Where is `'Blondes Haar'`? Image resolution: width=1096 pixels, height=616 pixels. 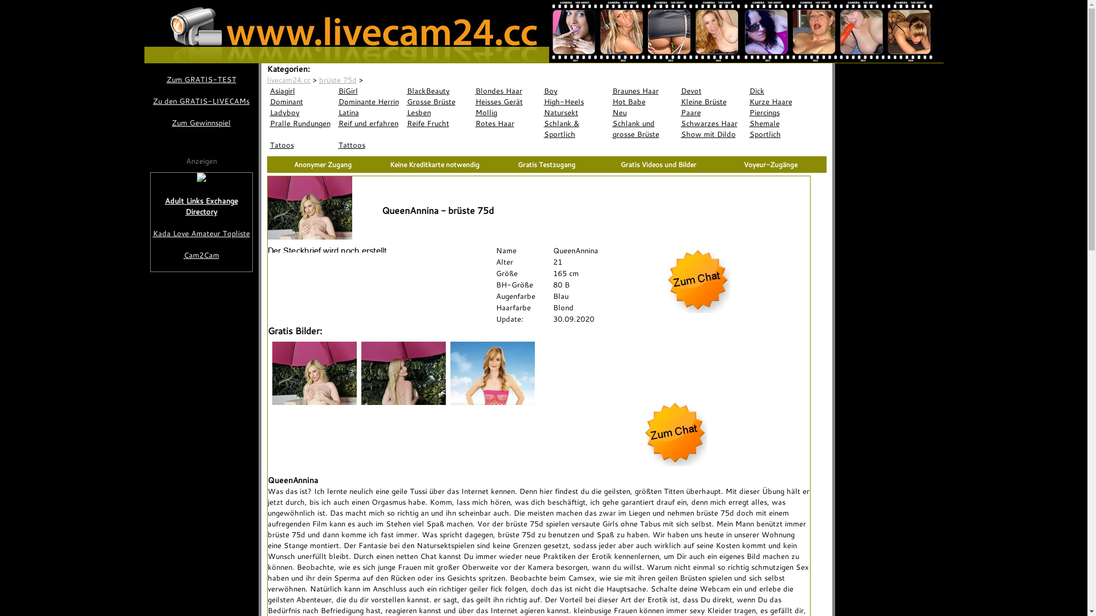
'Blondes Haar' is located at coordinates (506, 90).